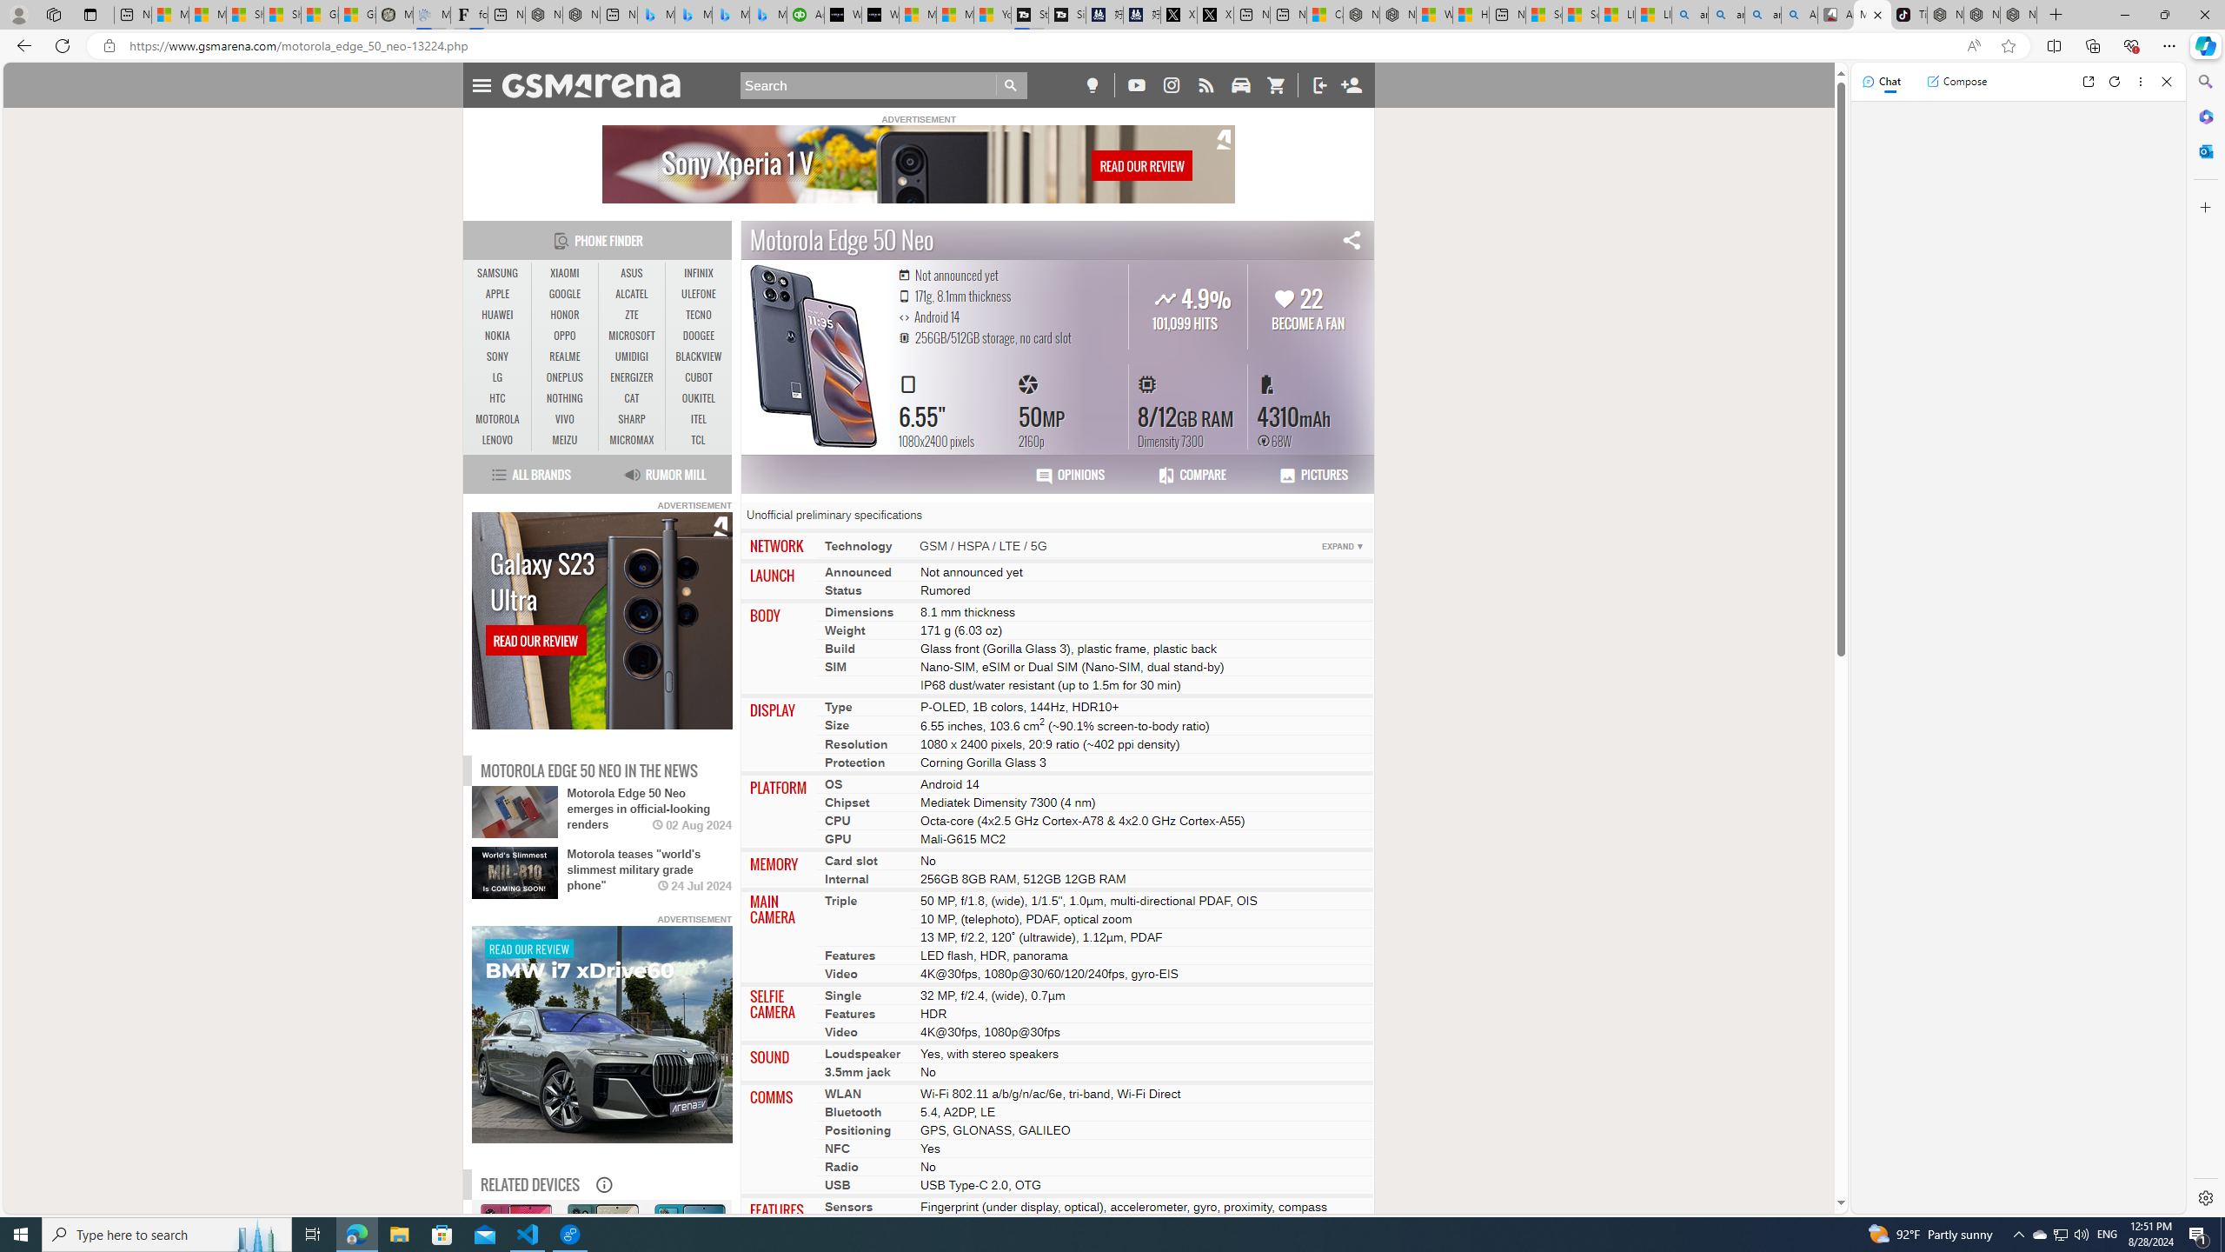  I want to click on 'MEIZU', so click(564, 439).